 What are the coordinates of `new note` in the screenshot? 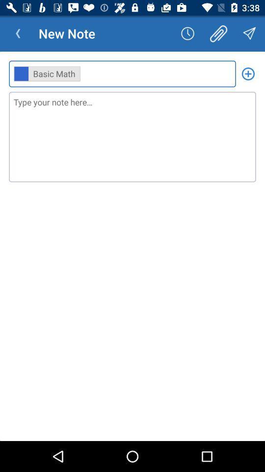 It's located at (247, 73).